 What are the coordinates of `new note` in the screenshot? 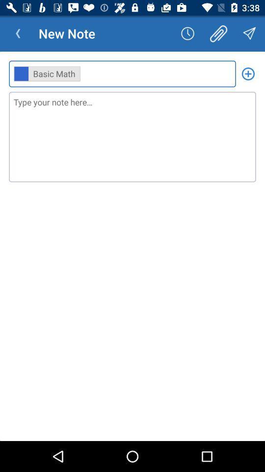 It's located at (247, 73).